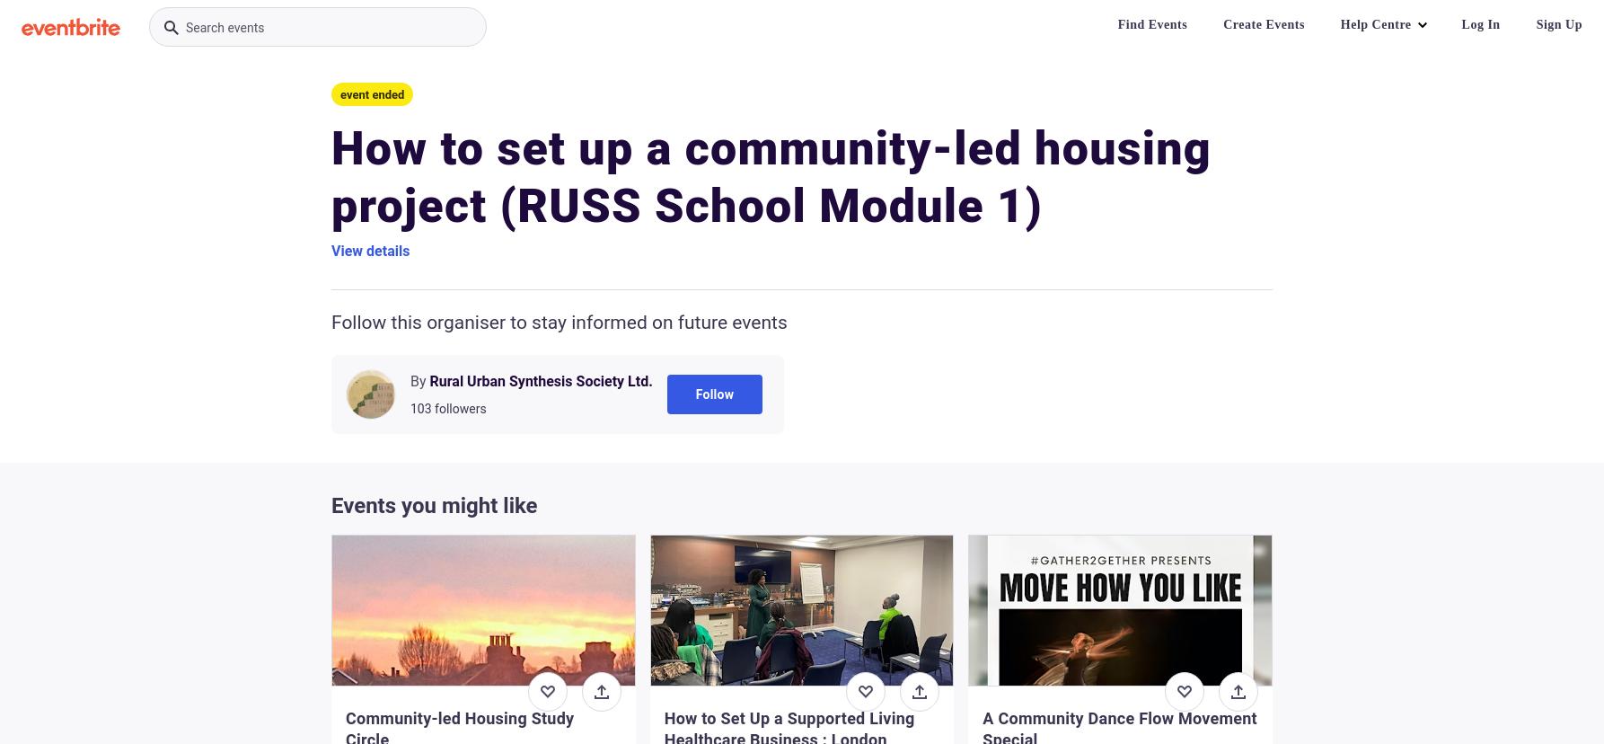 The height and width of the screenshot is (744, 1604). I want to click on 'View details', so click(370, 251).